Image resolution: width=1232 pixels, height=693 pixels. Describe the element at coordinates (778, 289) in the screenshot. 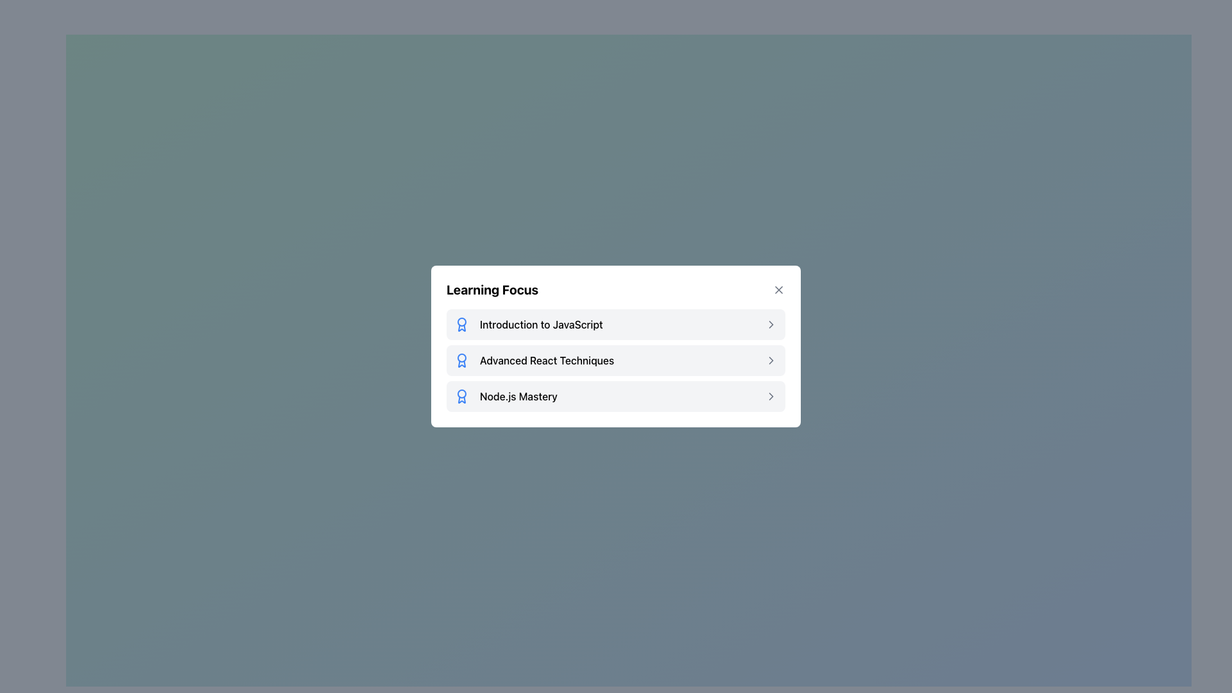

I see `the gray cross-shaped vector graphic 'X' in the top-right corner of the 'Learning Focus' dialog` at that location.